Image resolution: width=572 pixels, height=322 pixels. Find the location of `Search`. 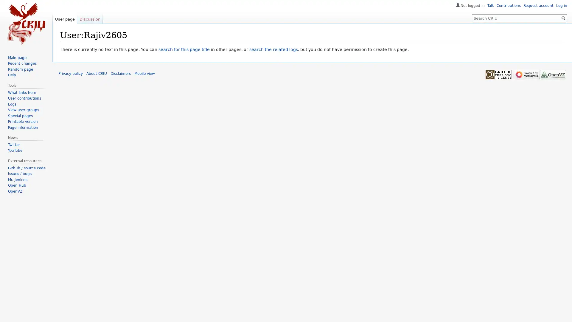

Search is located at coordinates (563, 18).